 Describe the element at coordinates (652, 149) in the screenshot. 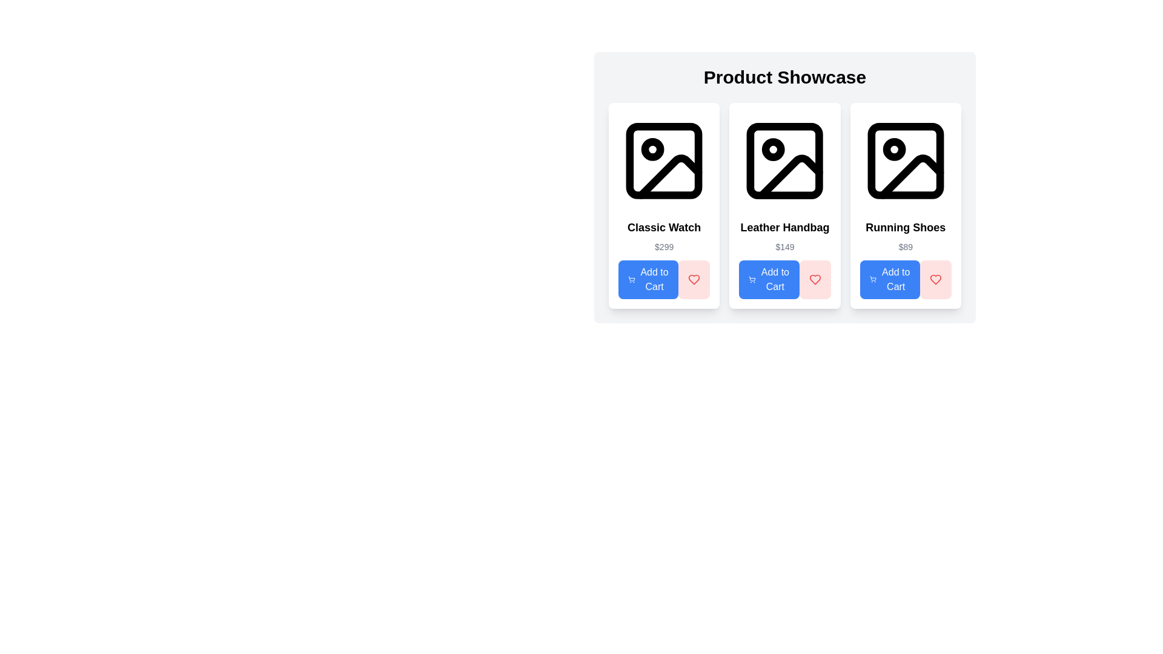

I see `the small circular dot within the image icon of the 'Classic Watch' product in the 'Product Showcase' section` at that location.